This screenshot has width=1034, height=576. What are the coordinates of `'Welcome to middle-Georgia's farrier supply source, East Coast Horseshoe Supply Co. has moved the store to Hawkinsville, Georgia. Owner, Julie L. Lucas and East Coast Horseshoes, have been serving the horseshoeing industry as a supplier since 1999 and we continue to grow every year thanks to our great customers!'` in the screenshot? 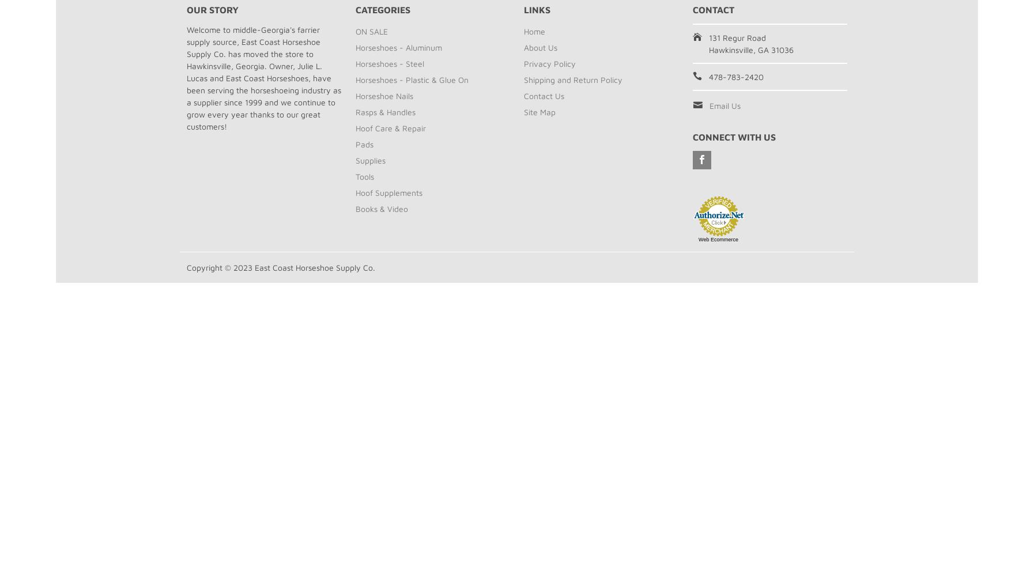 It's located at (264, 77).